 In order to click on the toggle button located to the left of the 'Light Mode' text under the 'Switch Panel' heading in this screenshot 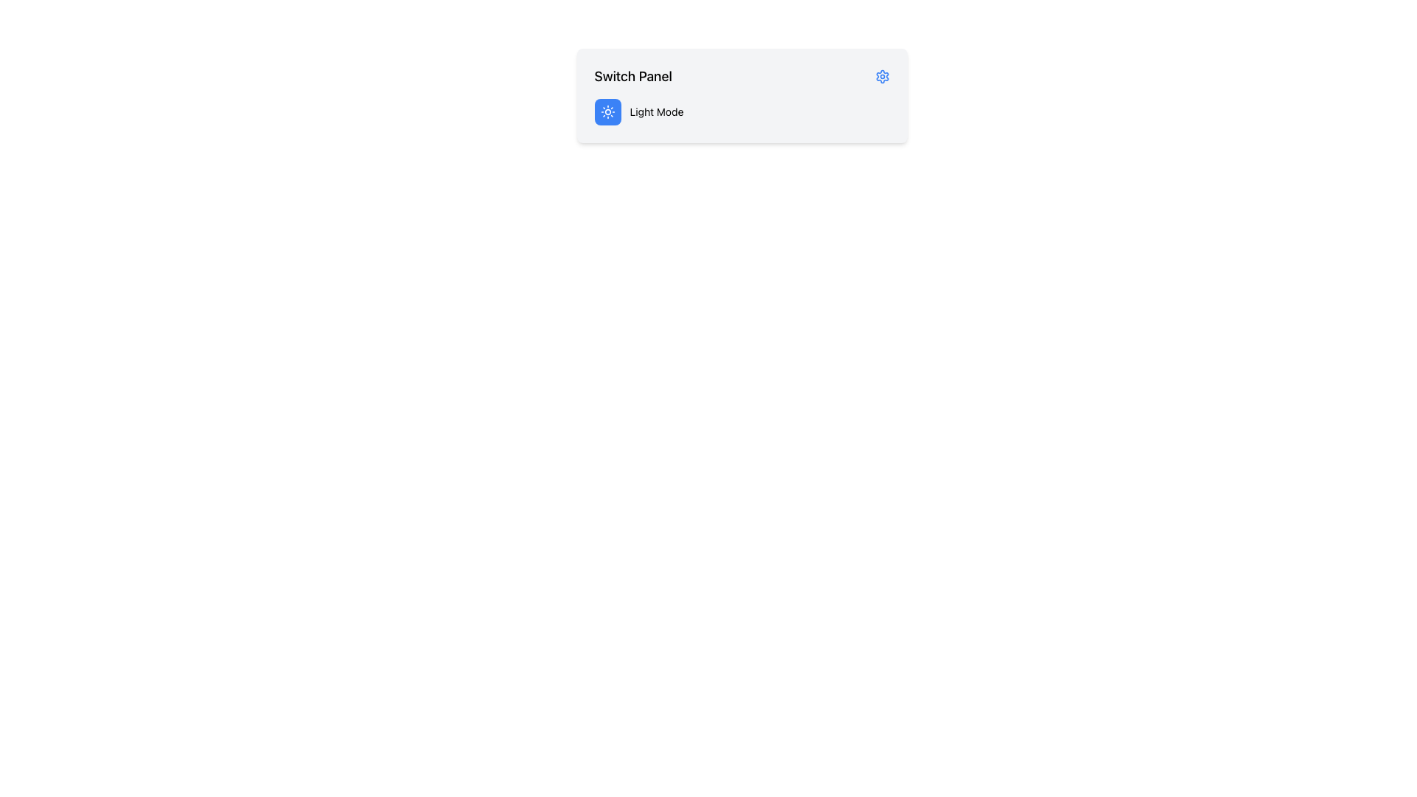, I will do `click(607, 111)`.